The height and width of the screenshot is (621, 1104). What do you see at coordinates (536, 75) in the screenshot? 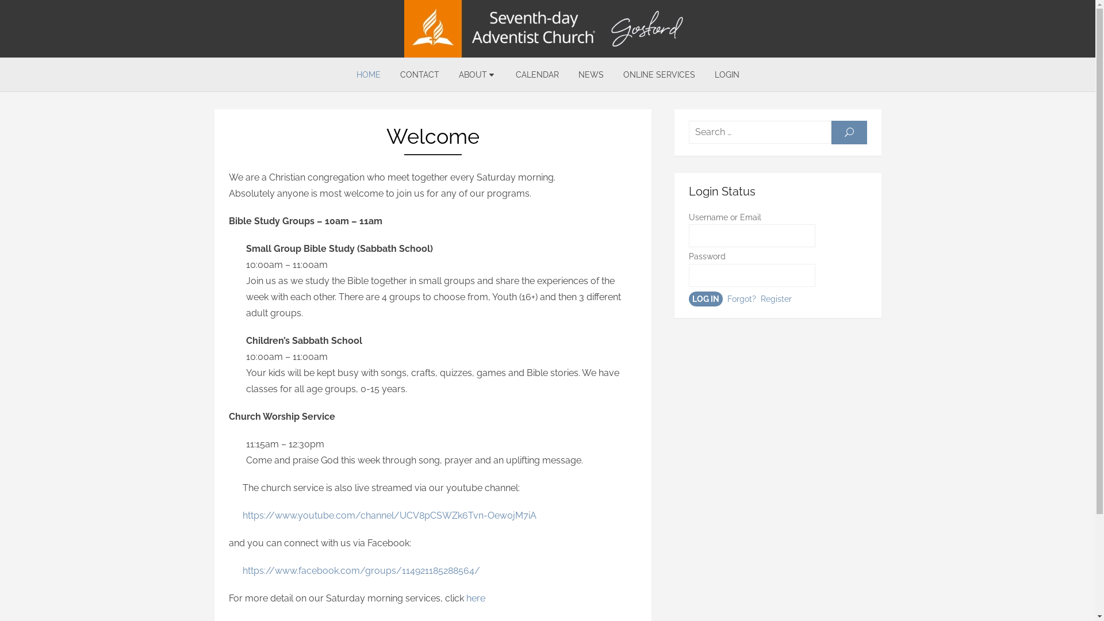
I see `'CALENDAR'` at bounding box center [536, 75].